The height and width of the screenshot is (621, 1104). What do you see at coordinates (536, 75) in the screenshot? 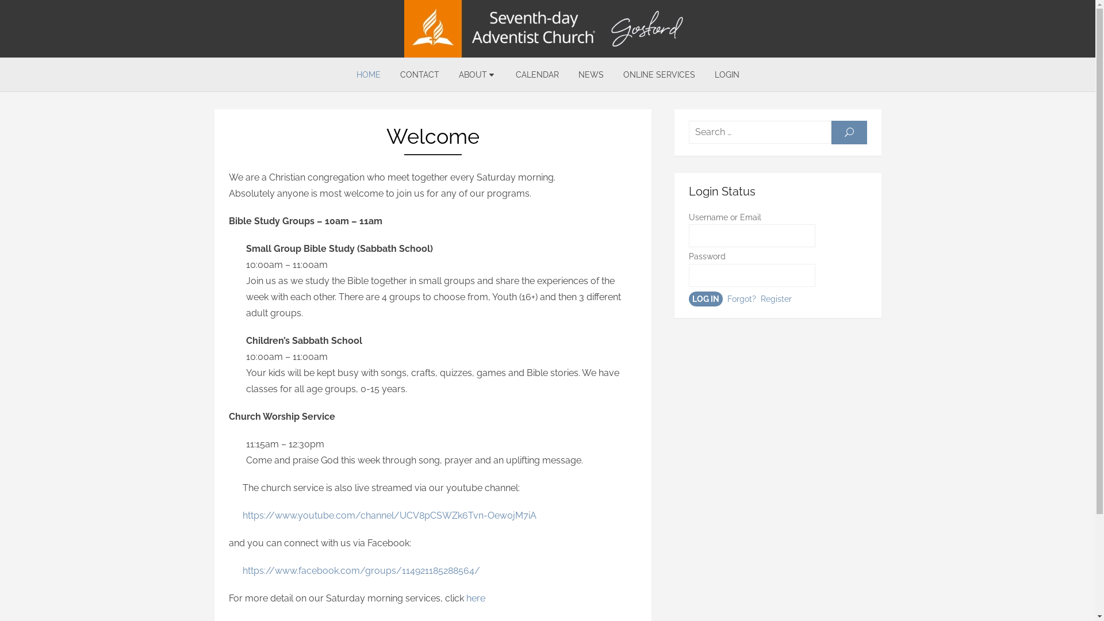
I see `'CALENDAR'` at bounding box center [536, 75].